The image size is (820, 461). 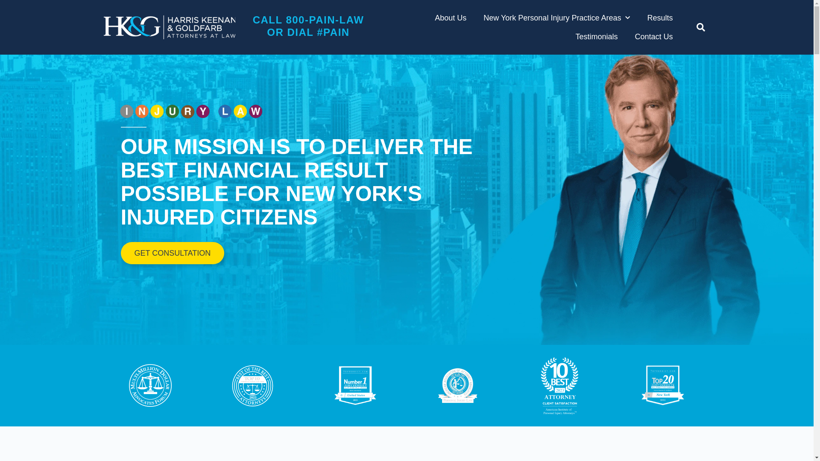 I want to click on 'Testimonials', so click(x=596, y=36).